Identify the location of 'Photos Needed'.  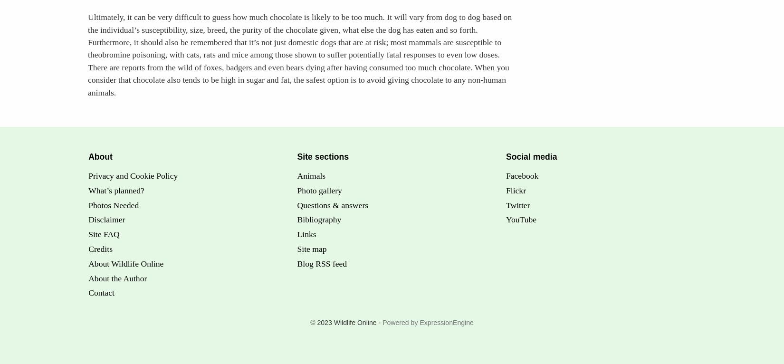
(113, 205).